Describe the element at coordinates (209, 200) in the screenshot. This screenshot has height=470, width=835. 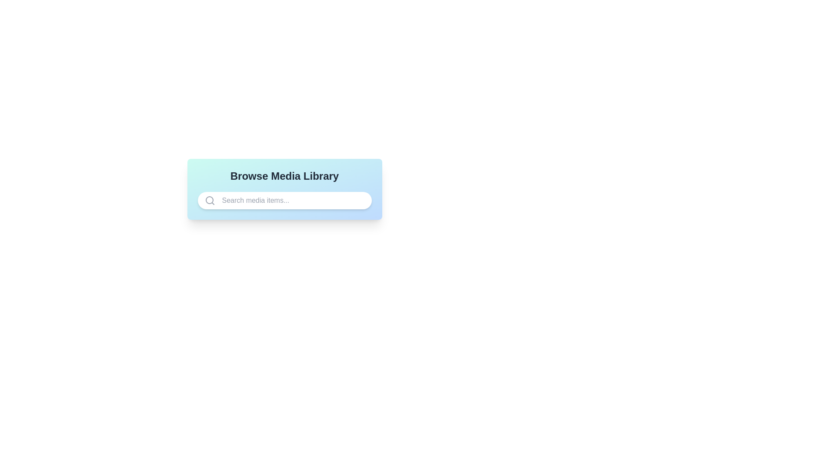
I see `the circular magnifying glass lens icon located to the left of the search input field` at that location.